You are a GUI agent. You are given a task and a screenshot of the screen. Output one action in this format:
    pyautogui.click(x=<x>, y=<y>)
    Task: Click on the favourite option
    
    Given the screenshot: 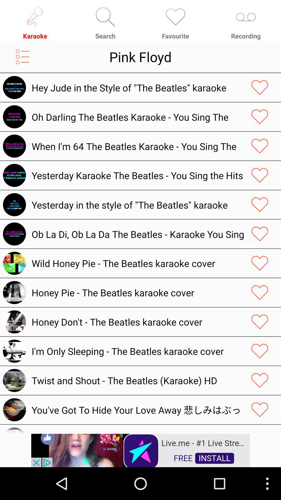 What is the action you would take?
    pyautogui.click(x=260, y=175)
    